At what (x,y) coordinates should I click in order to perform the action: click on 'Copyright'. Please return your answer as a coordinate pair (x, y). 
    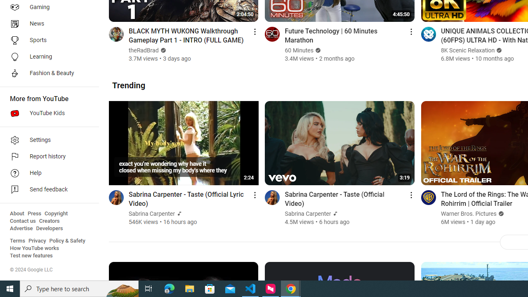
    Looking at the image, I should click on (56, 213).